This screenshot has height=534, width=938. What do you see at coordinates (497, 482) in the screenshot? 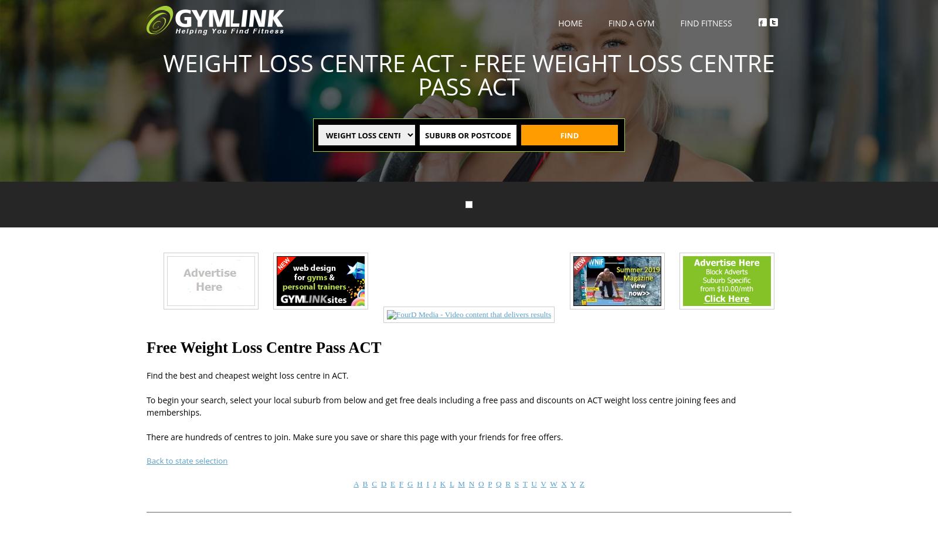
I see `'Q'` at bounding box center [497, 482].